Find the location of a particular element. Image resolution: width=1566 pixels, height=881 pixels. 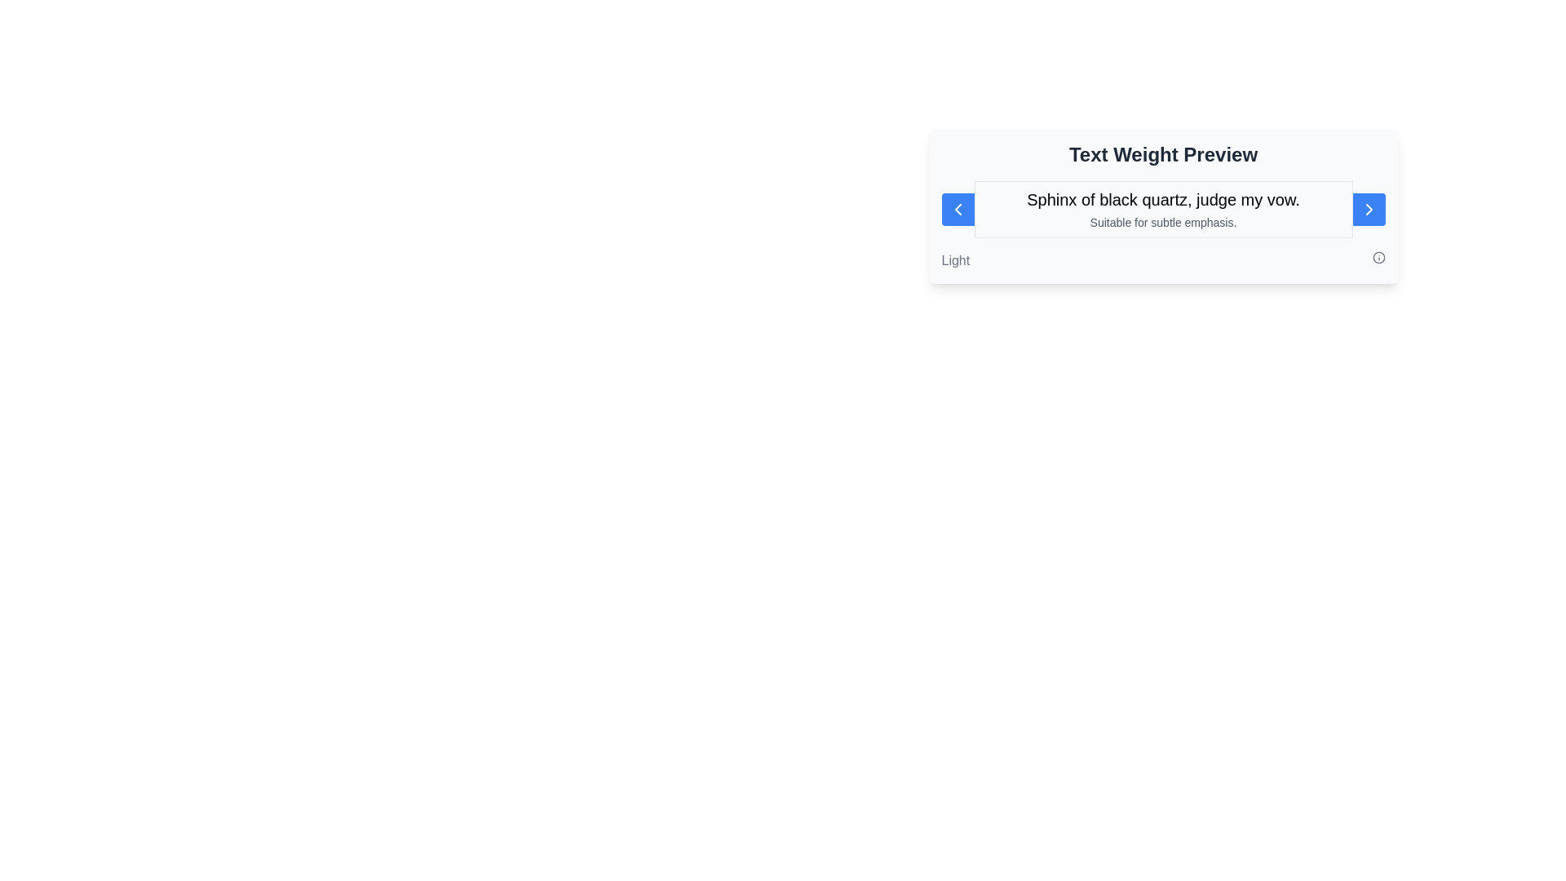

the 'info' icon located in the upper right section of the 'Text Weight Preview' card is located at coordinates (1378, 257).